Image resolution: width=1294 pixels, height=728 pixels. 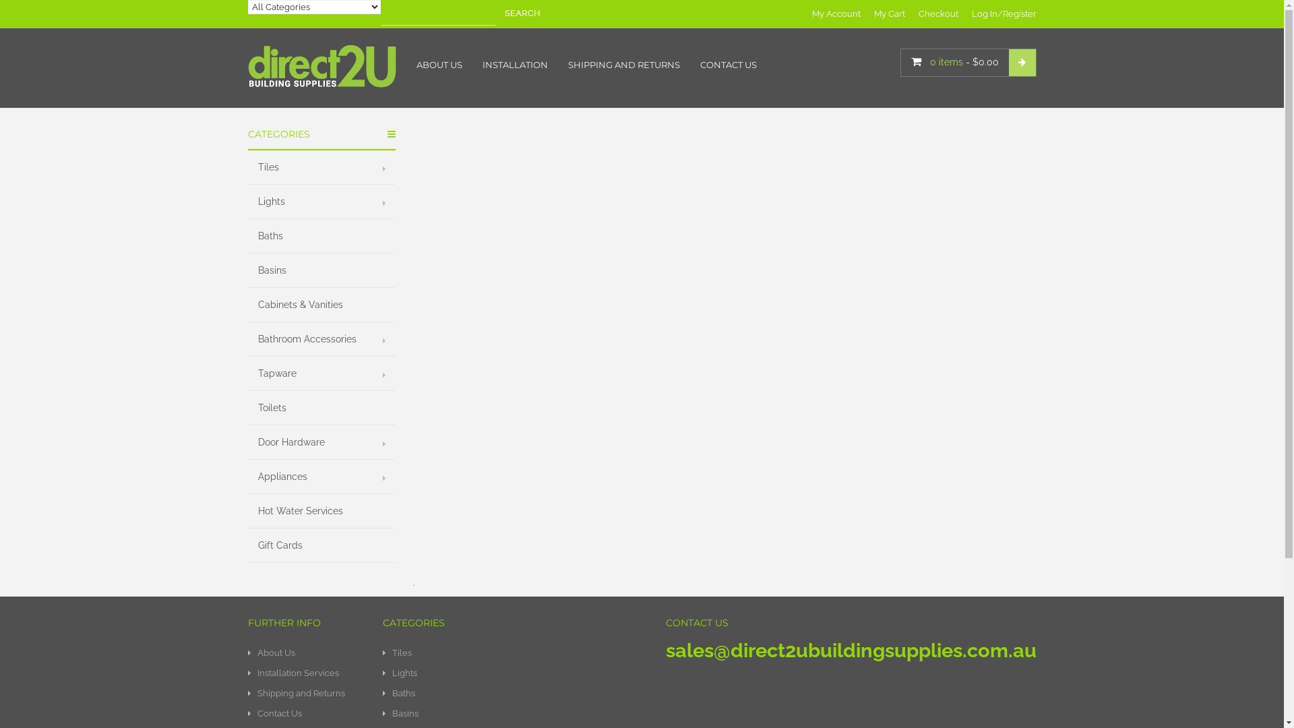 What do you see at coordinates (889, 13) in the screenshot?
I see `'My Cart'` at bounding box center [889, 13].